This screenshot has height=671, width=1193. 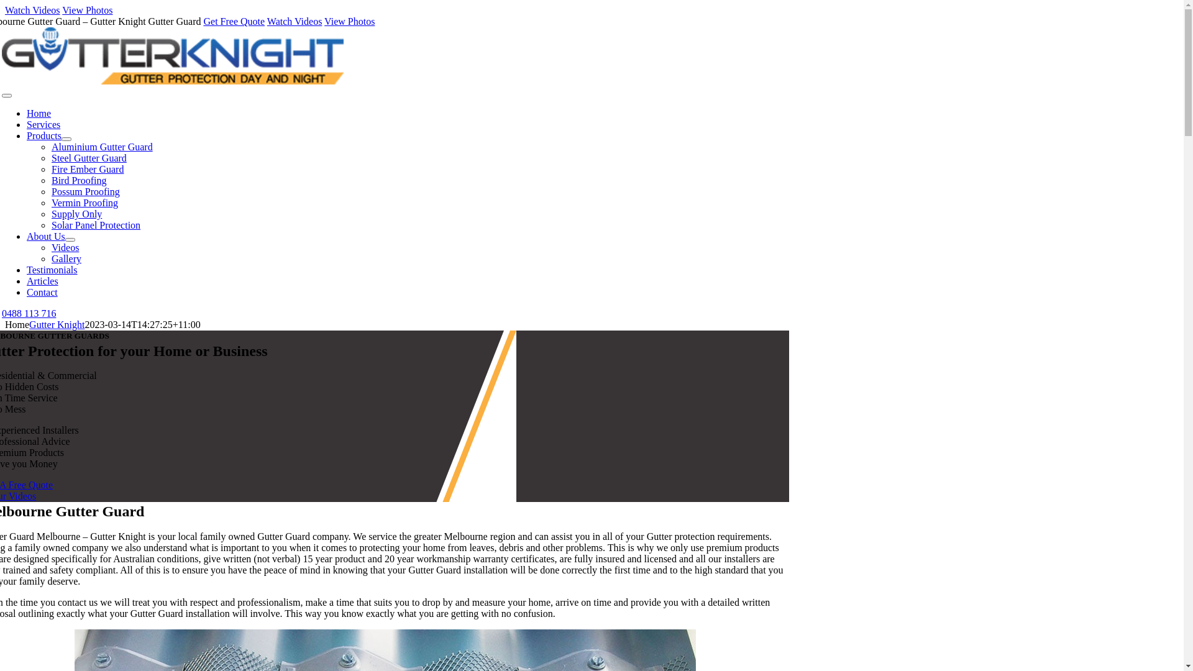 I want to click on 'Skip to content', so click(x=4, y=4).